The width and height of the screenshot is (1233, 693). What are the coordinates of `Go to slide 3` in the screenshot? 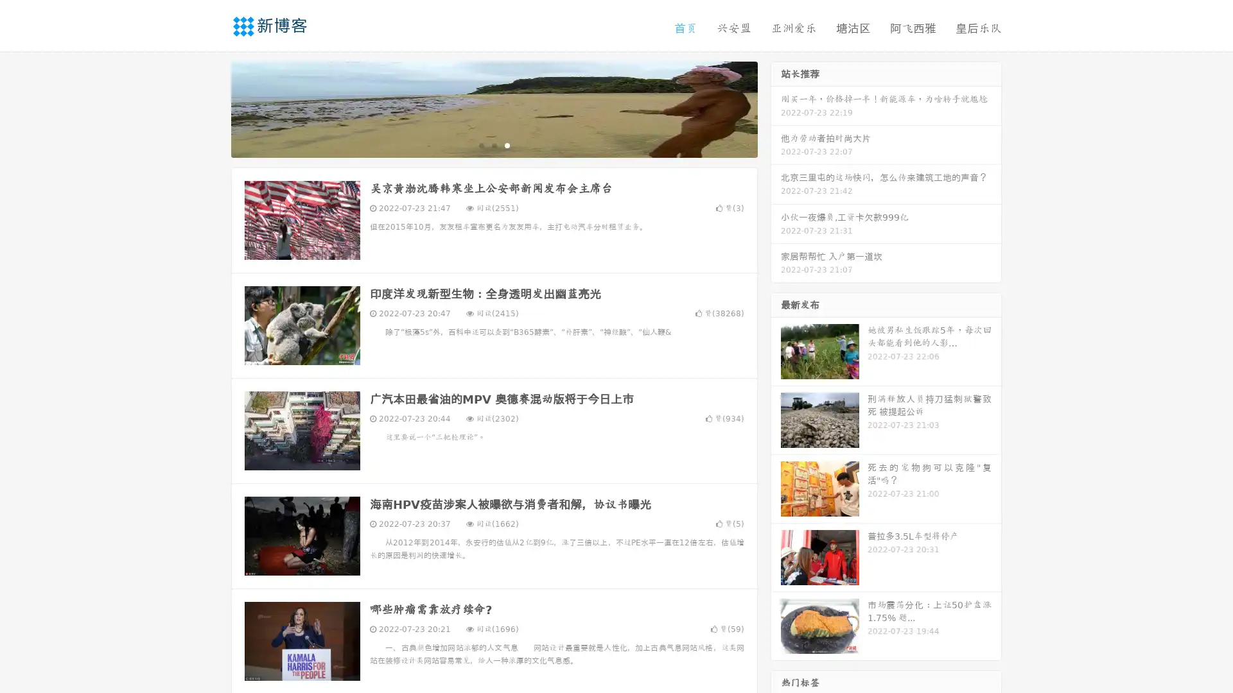 It's located at (507, 144).